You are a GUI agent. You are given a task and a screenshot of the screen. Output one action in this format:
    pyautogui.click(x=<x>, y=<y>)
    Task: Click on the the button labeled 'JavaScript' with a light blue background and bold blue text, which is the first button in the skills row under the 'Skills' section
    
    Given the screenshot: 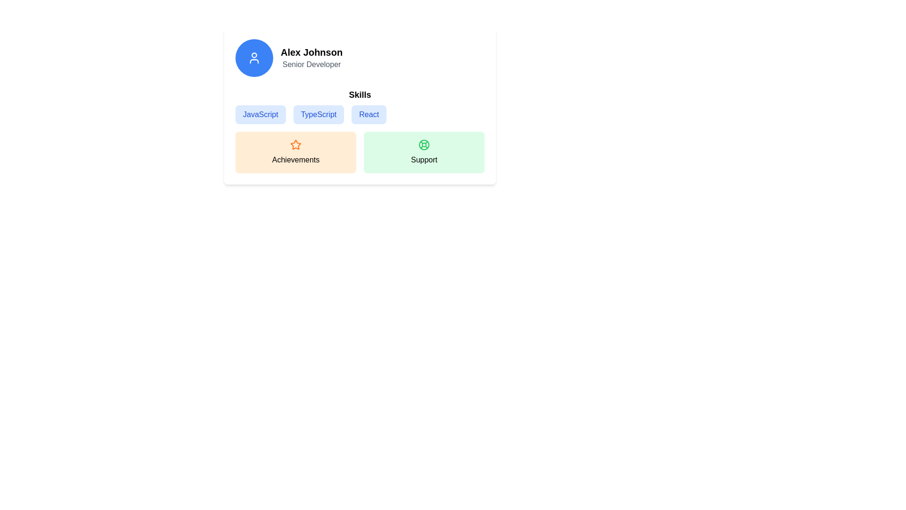 What is the action you would take?
    pyautogui.click(x=260, y=114)
    